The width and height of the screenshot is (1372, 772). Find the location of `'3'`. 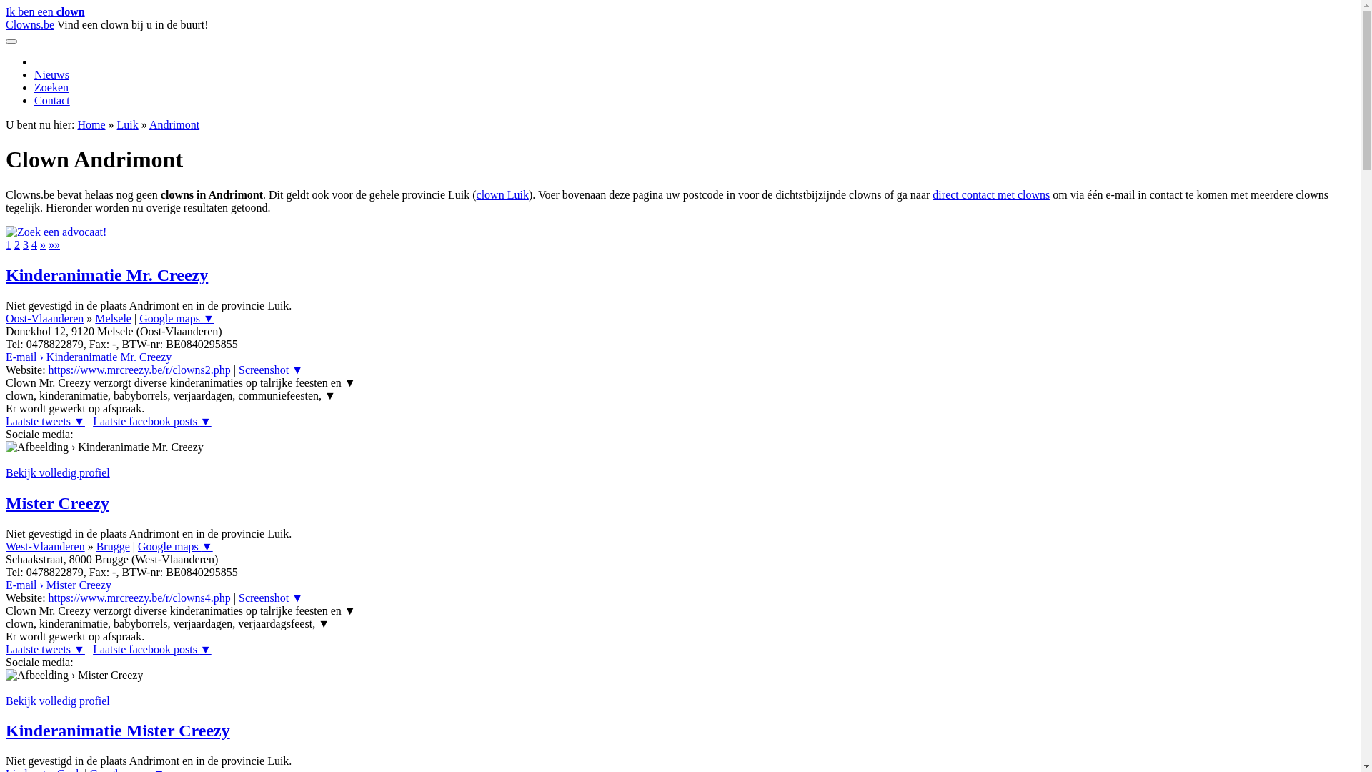

'3' is located at coordinates (23, 244).